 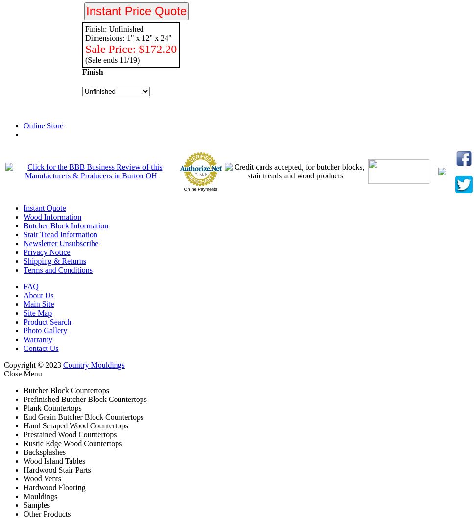 I want to click on 'Mouldings', so click(x=23, y=496).